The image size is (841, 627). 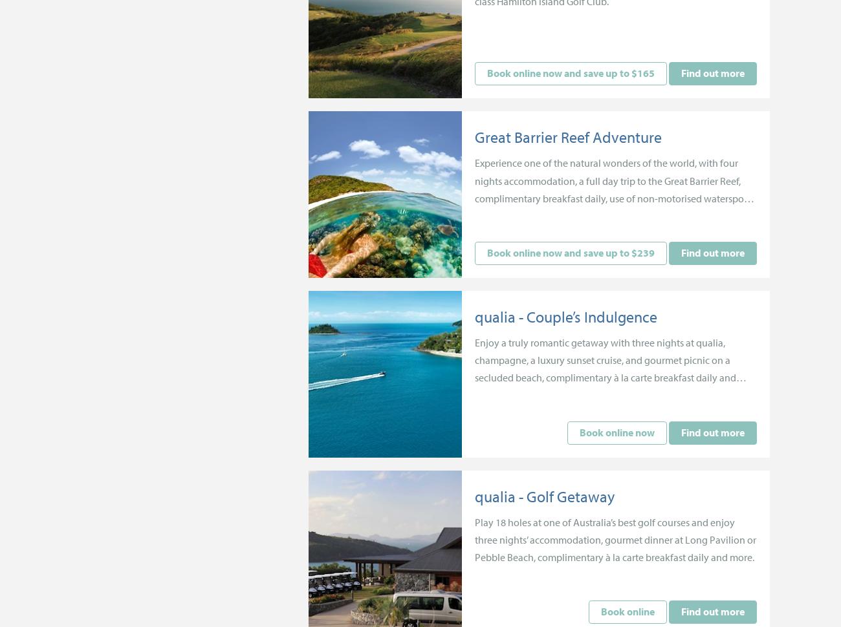 What do you see at coordinates (569, 252) in the screenshot?
I see `'Book online now and save up to $239'` at bounding box center [569, 252].